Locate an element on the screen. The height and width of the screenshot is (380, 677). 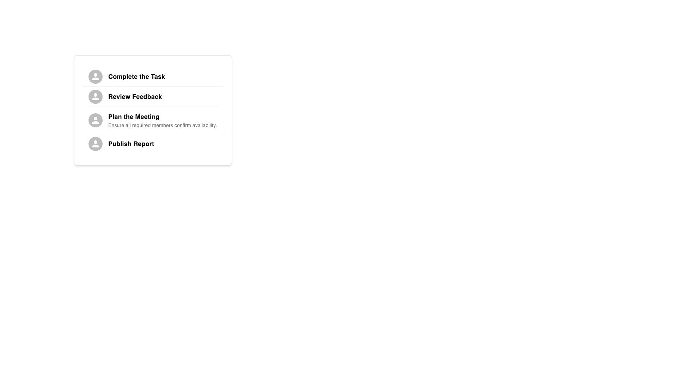
the first text label in the task list that provides context for the associated content or action is located at coordinates (136, 76).